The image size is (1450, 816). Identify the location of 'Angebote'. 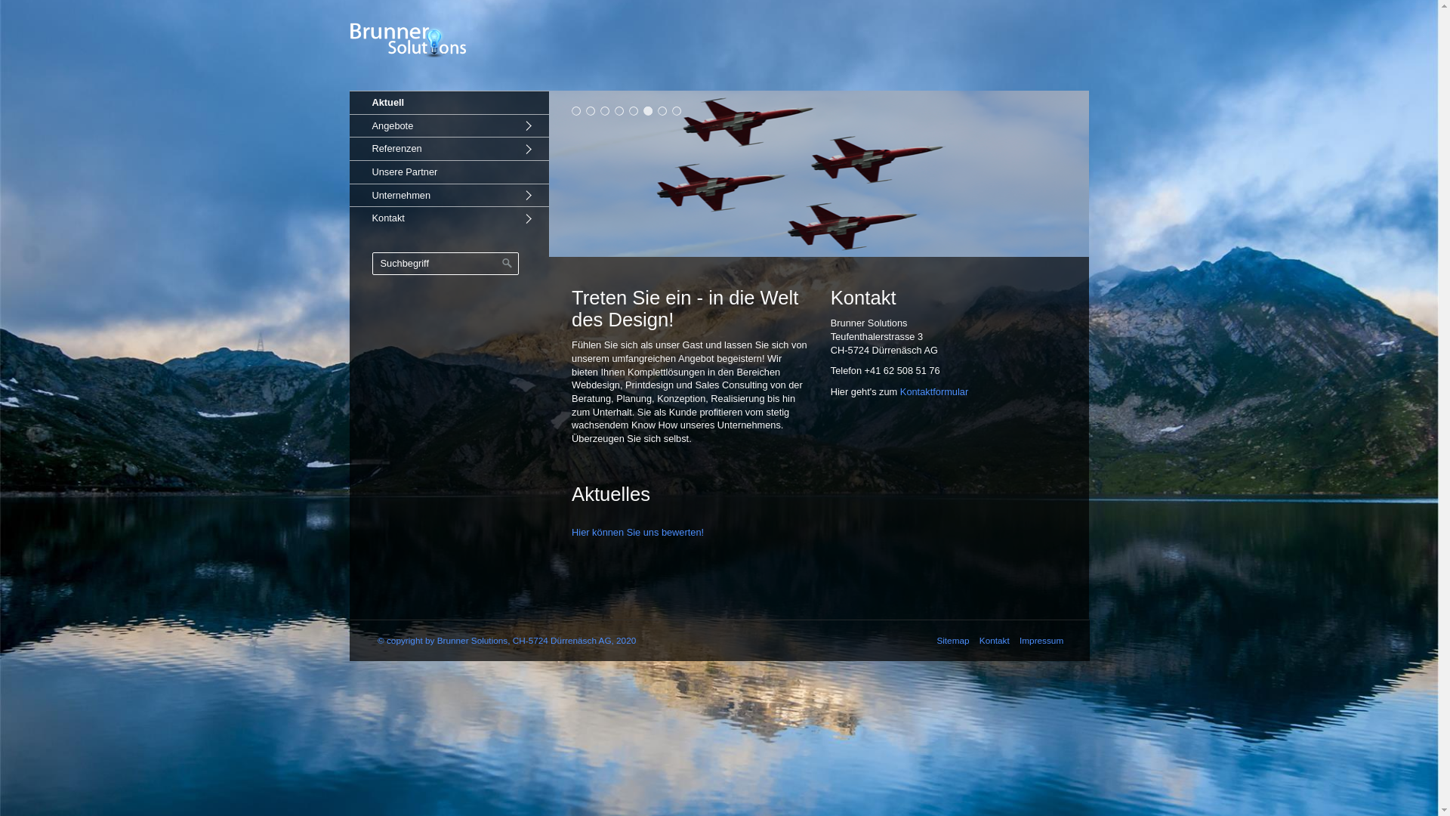
(448, 125).